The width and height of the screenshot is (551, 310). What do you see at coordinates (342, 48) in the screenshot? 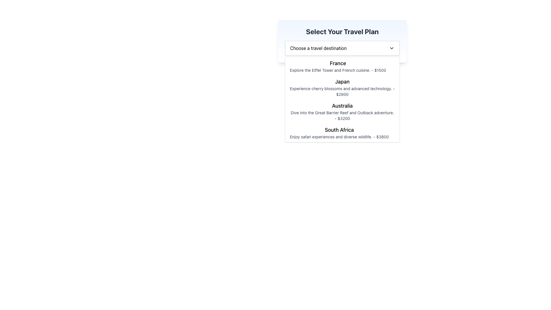
I see `the dropdown menu labeled 'Choose a travel destination' to activate it` at bounding box center [342, 48].